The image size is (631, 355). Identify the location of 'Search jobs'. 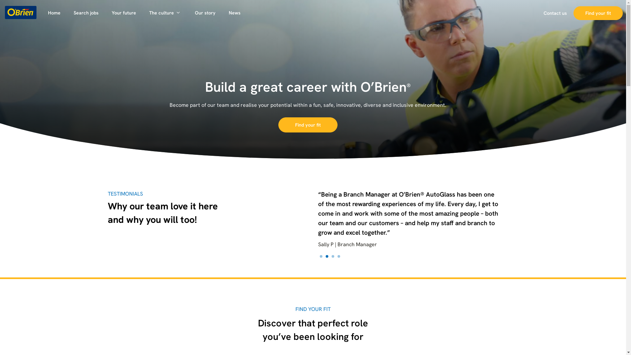
(86, 13).